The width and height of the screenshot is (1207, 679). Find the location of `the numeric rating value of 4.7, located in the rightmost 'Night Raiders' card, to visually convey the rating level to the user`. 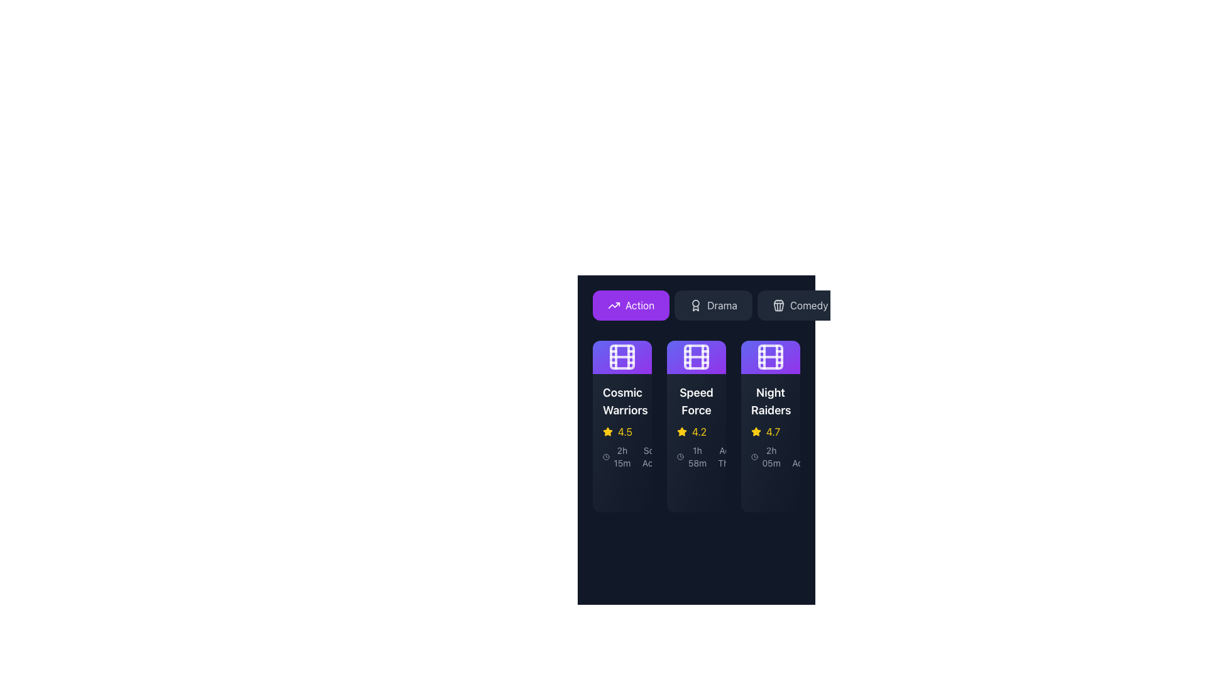

the numeric rating value of 4.7, located in the rightmost 'Night Raiders' card, to visually convey the rating level to the user is located at coordinates (773, 431).